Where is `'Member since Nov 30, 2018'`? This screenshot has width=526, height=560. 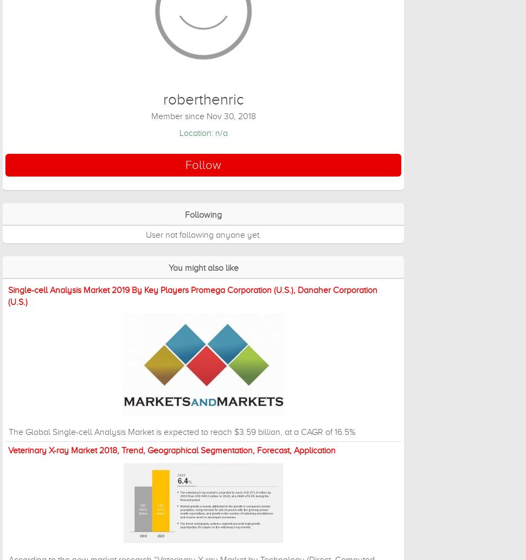 'Member since Nov 30, 2018' is located at coordinates (202, 116).